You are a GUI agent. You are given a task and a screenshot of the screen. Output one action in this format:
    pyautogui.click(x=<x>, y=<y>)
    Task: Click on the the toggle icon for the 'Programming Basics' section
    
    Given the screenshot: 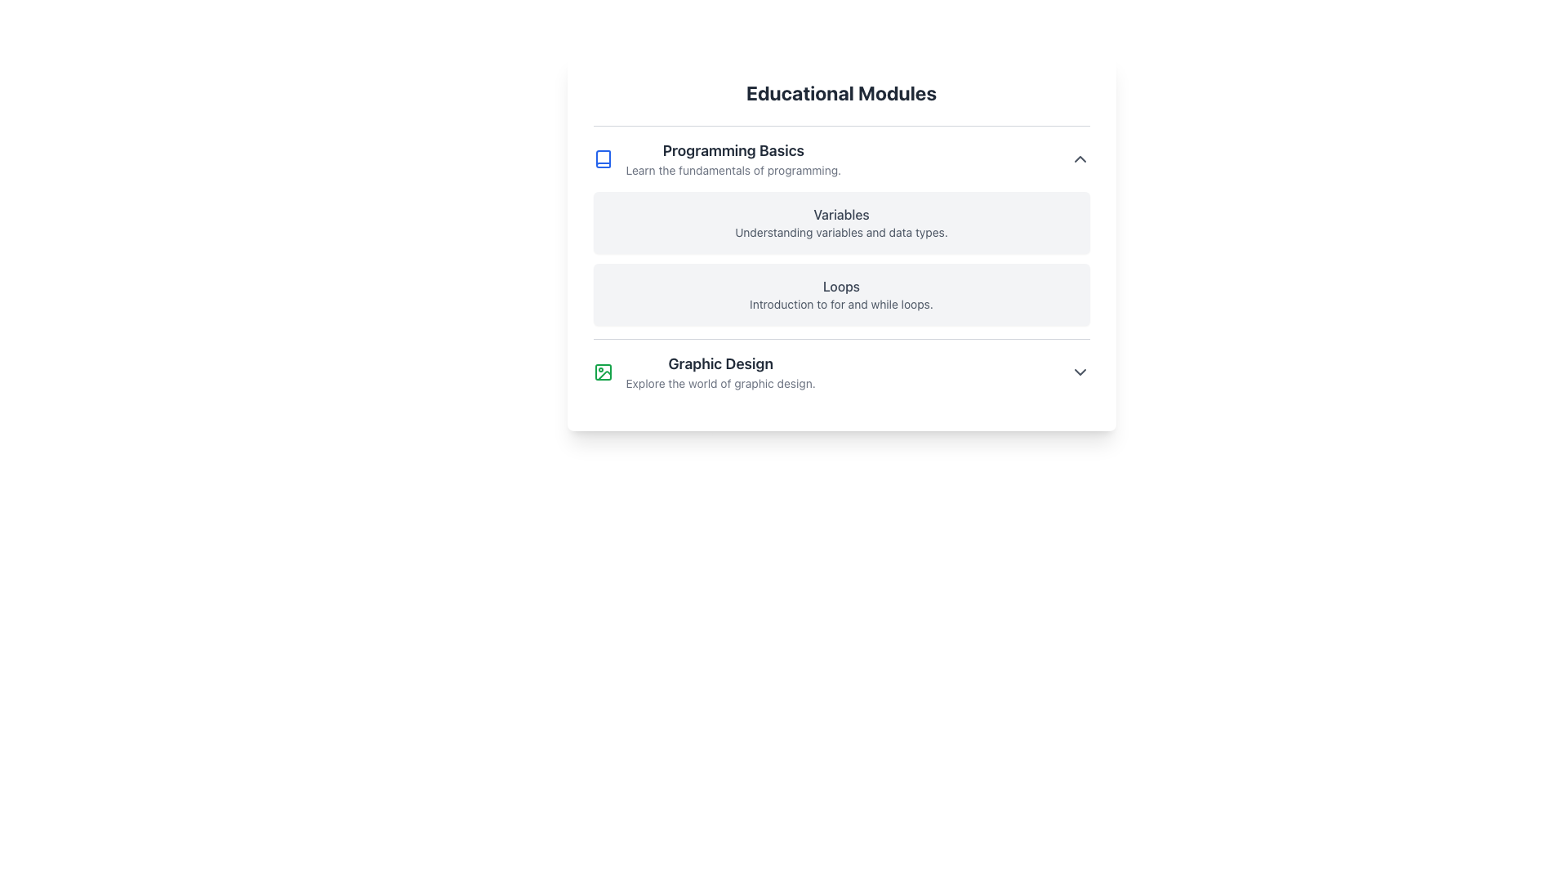 What is the action you would take?
    pyautogui.click(x=1080, y=159)
    